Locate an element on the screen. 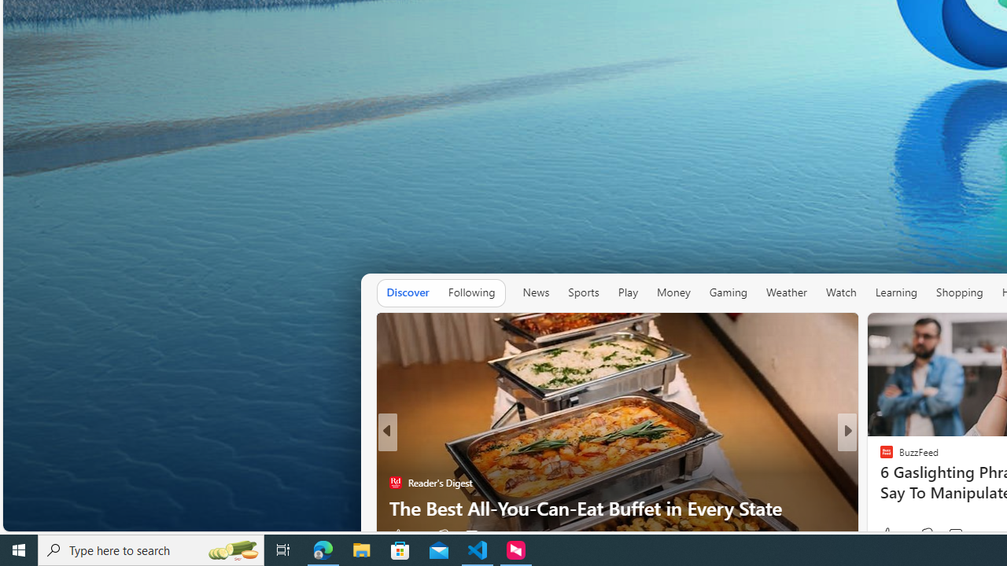  'Discover' is located at coordinates (408, 292).